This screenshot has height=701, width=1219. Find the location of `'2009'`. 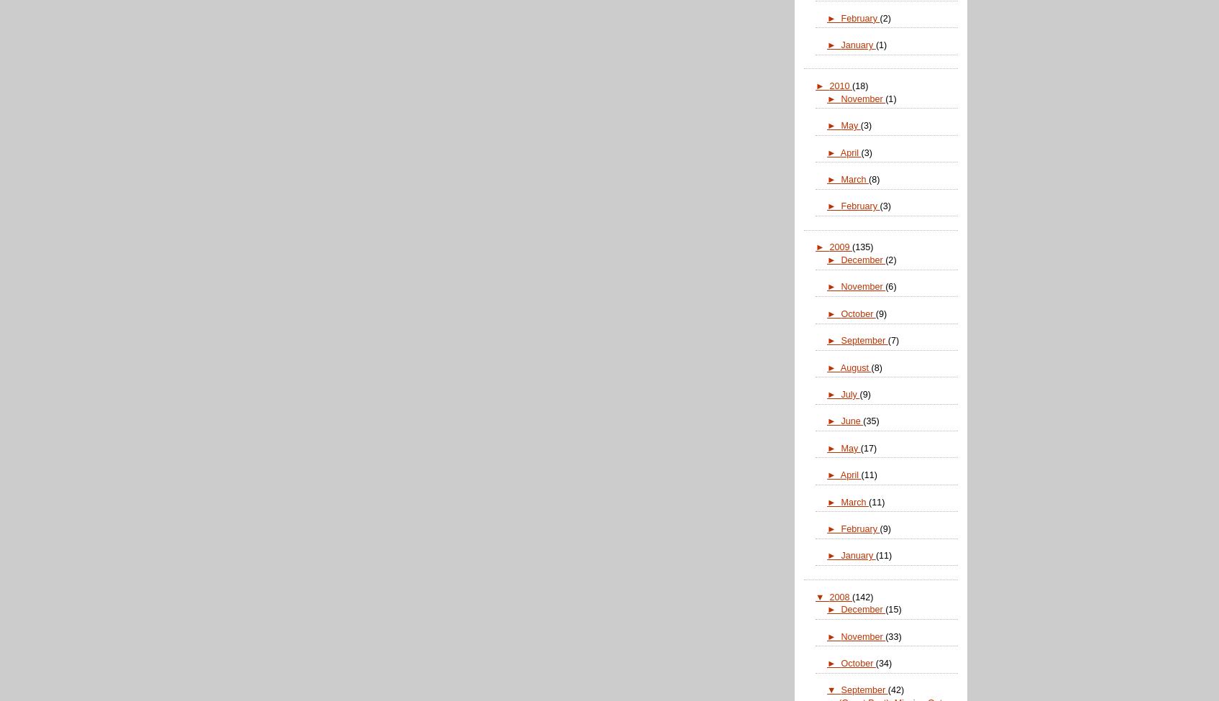

'2009' is located at coordinates (840, 246).